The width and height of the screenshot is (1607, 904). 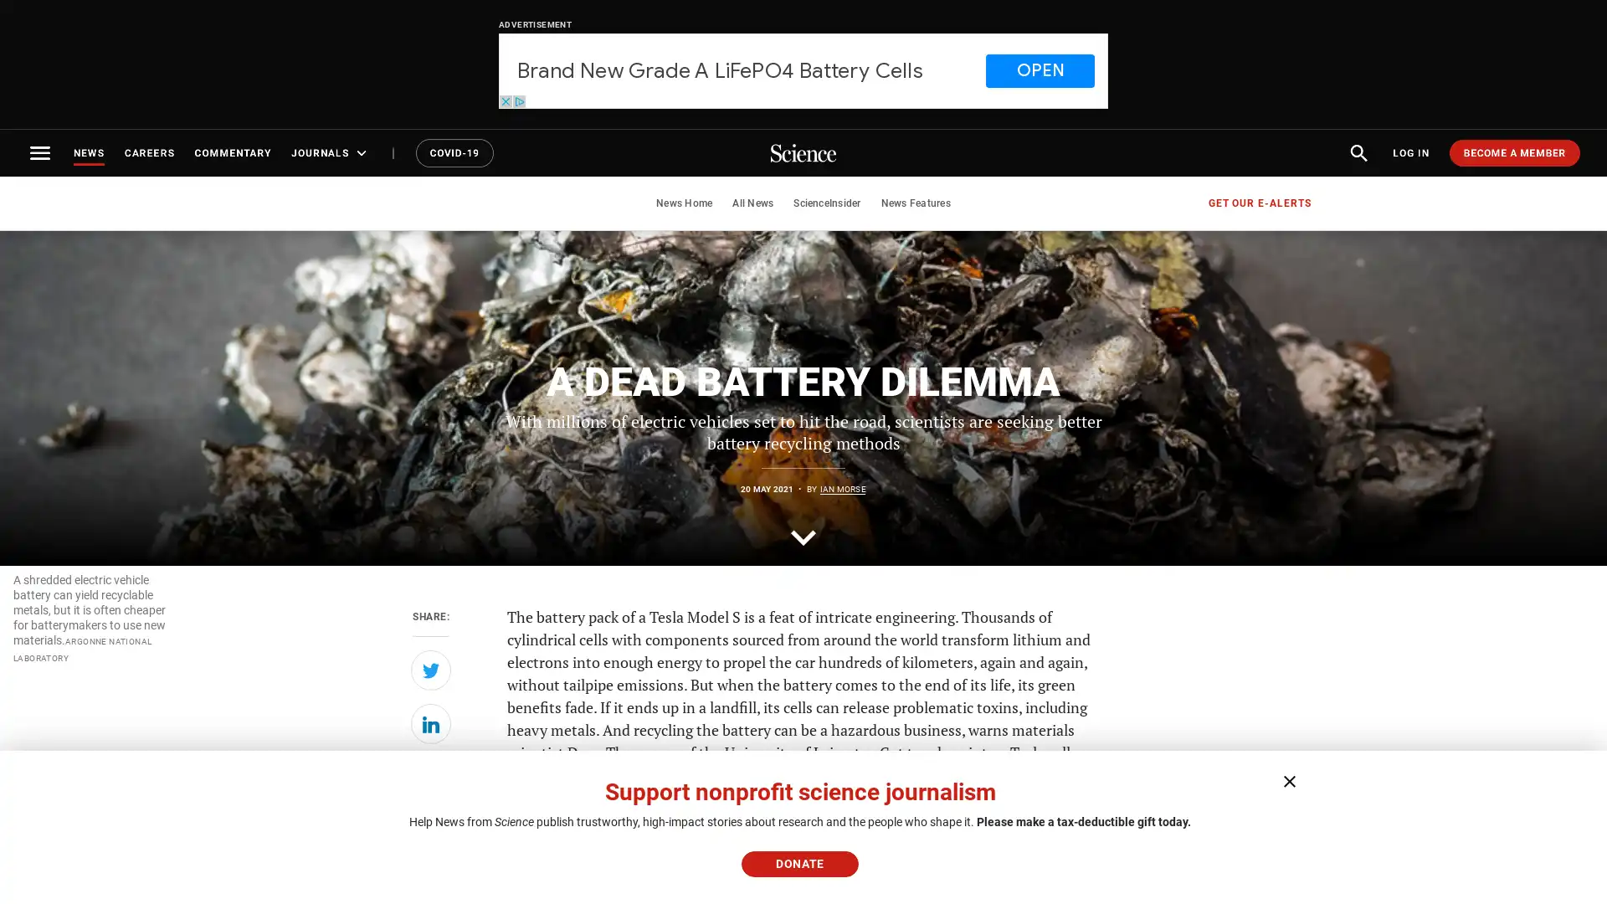 What do you see at coordinates (331, 152) in the screenshot?
I see `JOURNALS` at bounding box center [331, 152].